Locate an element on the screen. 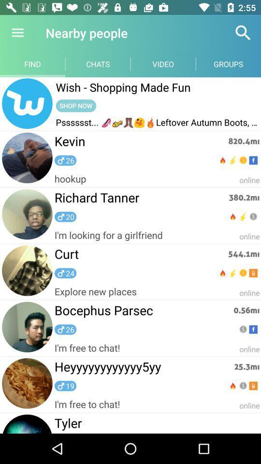 The width and height of the screenshot is (261, 464). advertisement icon for wish is located at coordinates (27, 104).